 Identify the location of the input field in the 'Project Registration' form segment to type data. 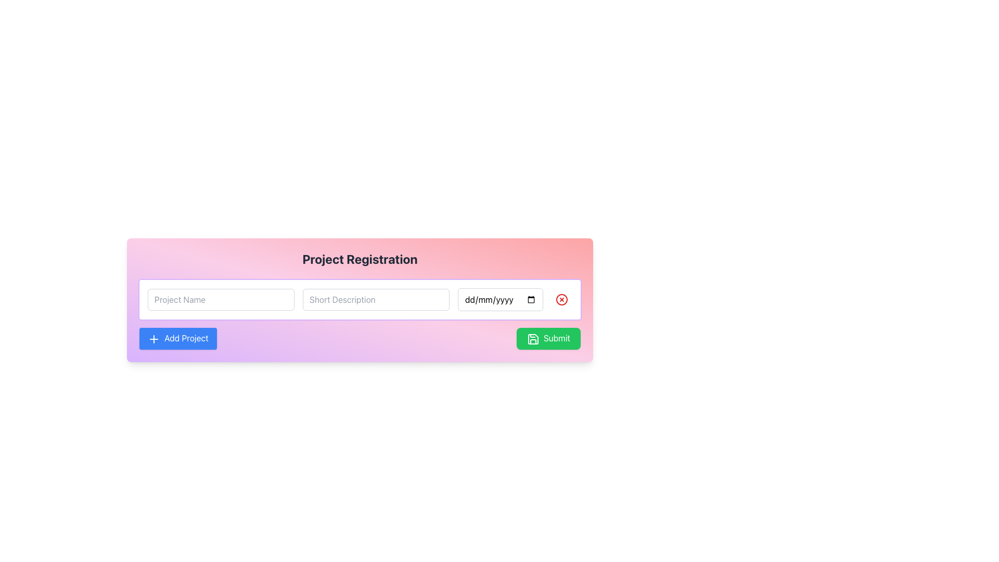
(360, 314).